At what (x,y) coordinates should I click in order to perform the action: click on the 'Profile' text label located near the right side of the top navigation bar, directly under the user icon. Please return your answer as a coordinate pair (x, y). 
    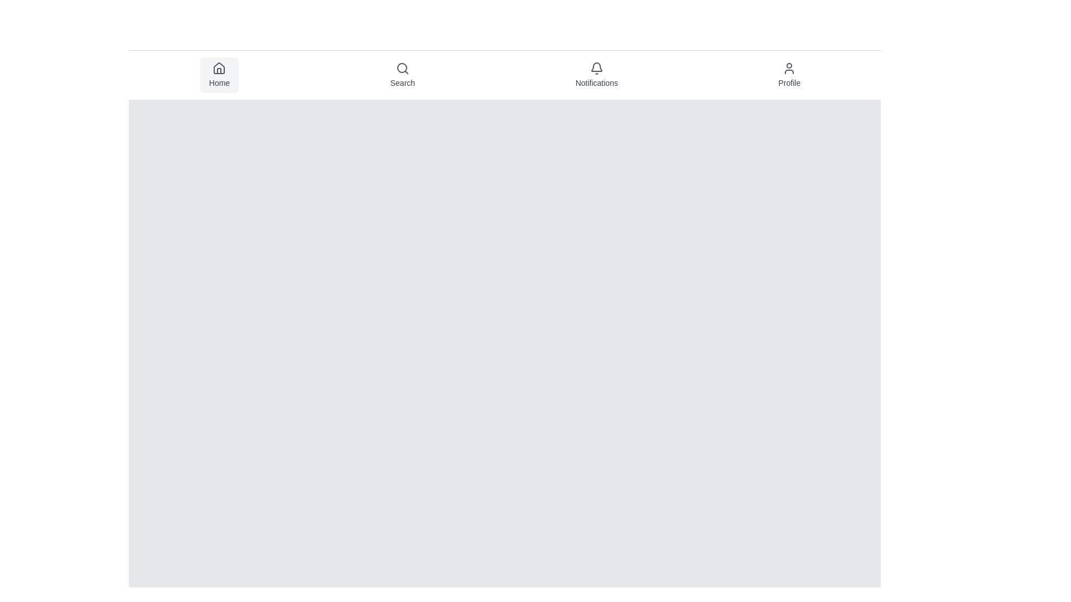
    Looking at the image, I should click on (789, 82).